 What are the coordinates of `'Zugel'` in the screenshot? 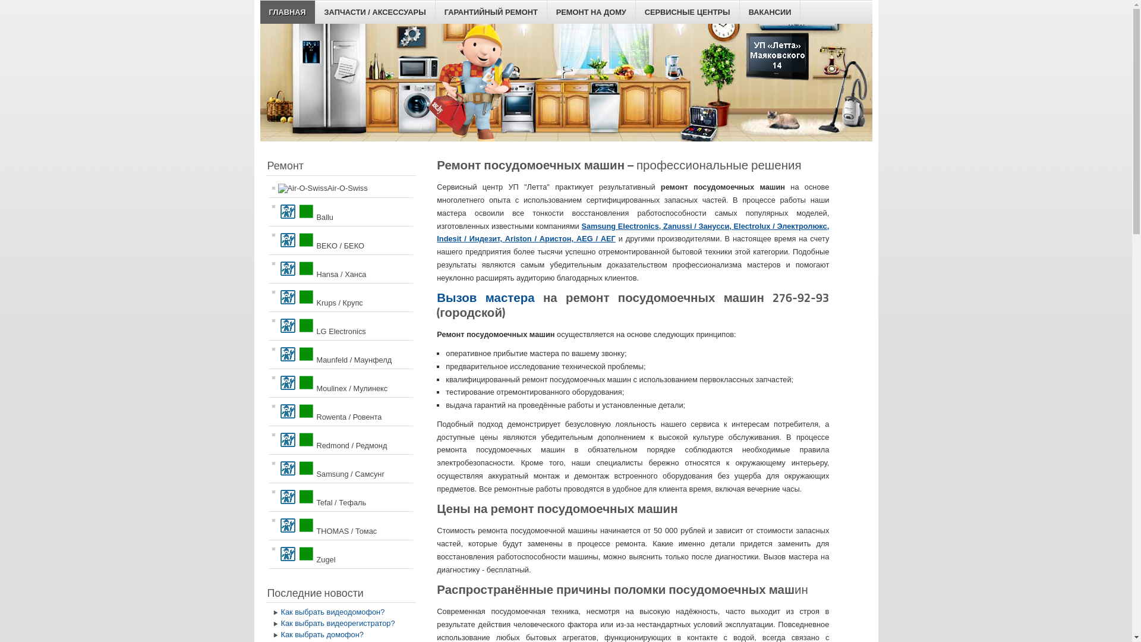 It's located at (267, 554).